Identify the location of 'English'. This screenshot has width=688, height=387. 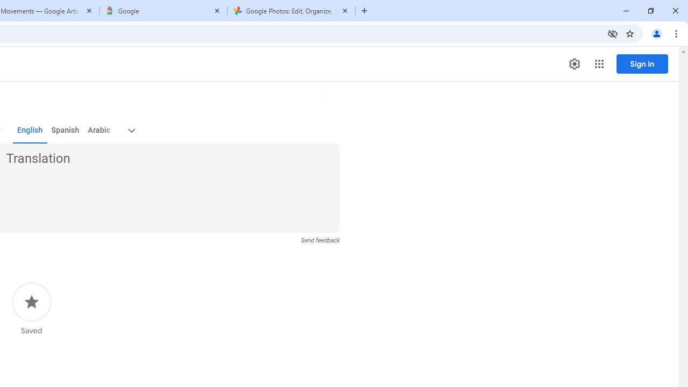
(30, 130).